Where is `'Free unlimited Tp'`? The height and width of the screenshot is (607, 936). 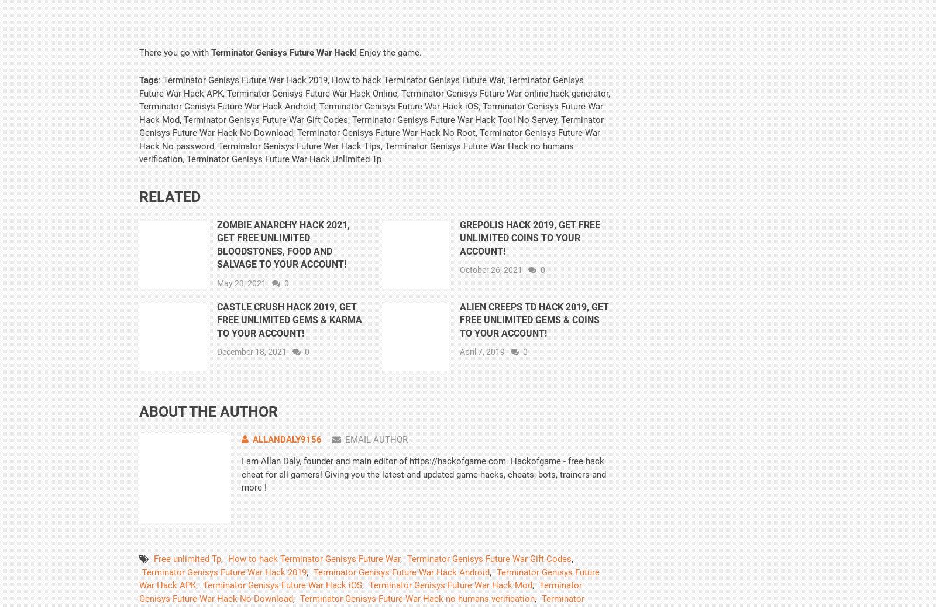
'Free unlimited Tp' is located at coordinates (187, 558).